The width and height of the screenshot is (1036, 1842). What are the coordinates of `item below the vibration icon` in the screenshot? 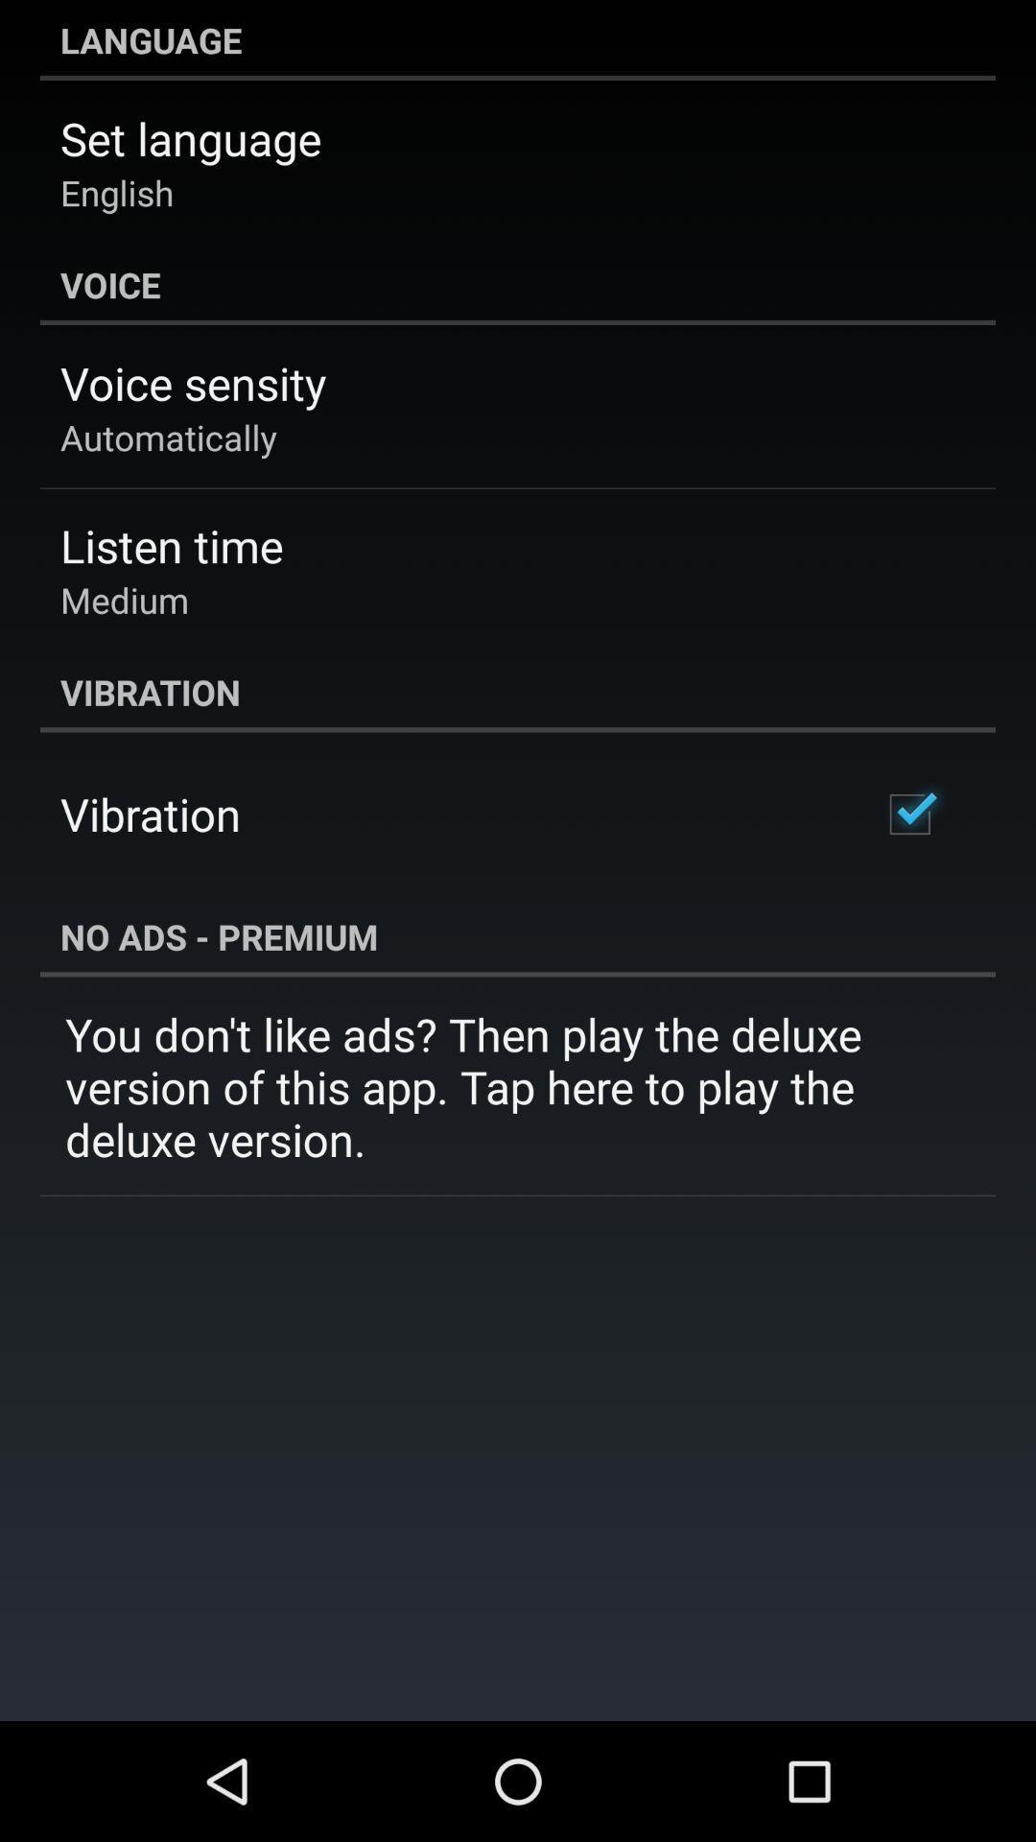 It's located at (908, 815).